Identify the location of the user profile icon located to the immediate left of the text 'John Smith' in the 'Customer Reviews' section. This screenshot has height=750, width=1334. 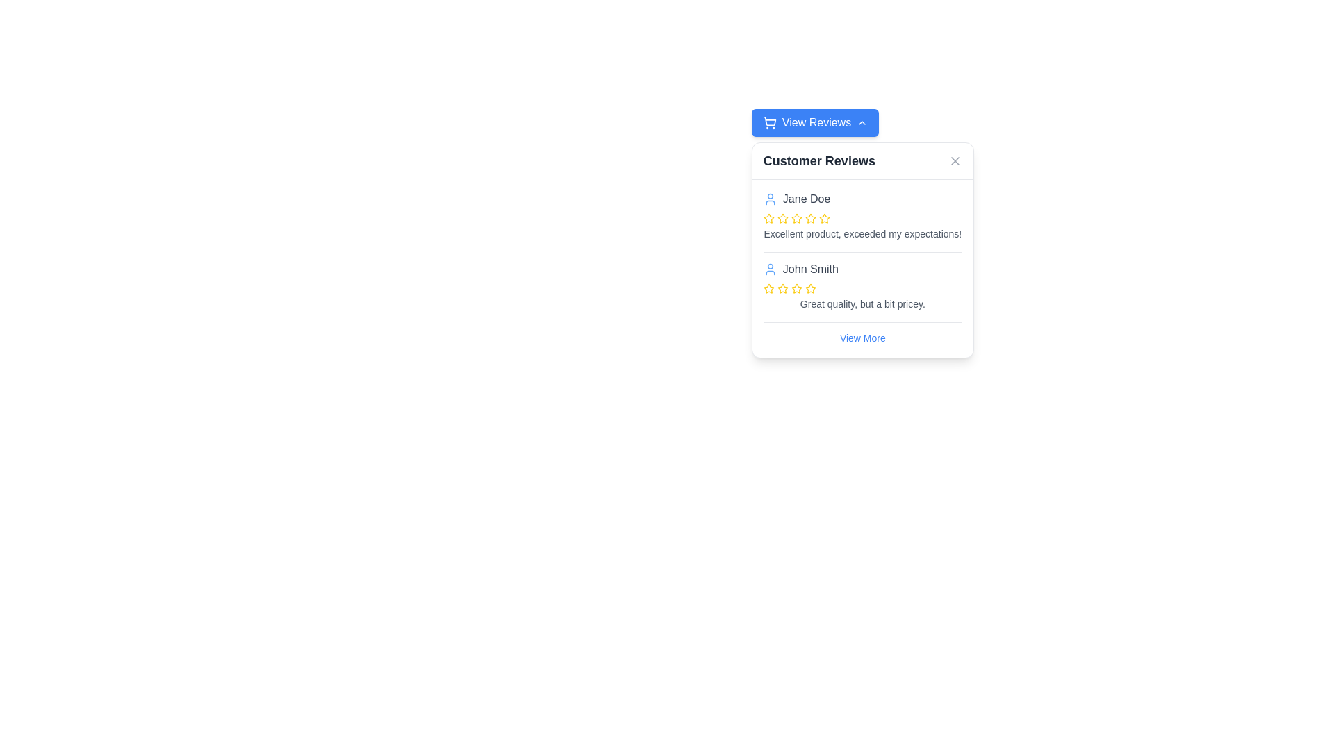
(769, 269).